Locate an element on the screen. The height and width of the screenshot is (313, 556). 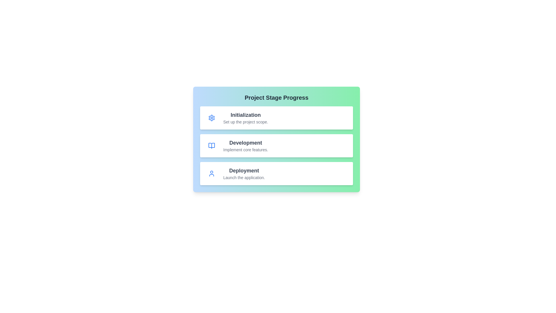
the blue gear-like icon representing settings, located at the top-left section of the 'Initialization' entry in the 'Project Stage Progress' list is located at coordinates (211, 118).